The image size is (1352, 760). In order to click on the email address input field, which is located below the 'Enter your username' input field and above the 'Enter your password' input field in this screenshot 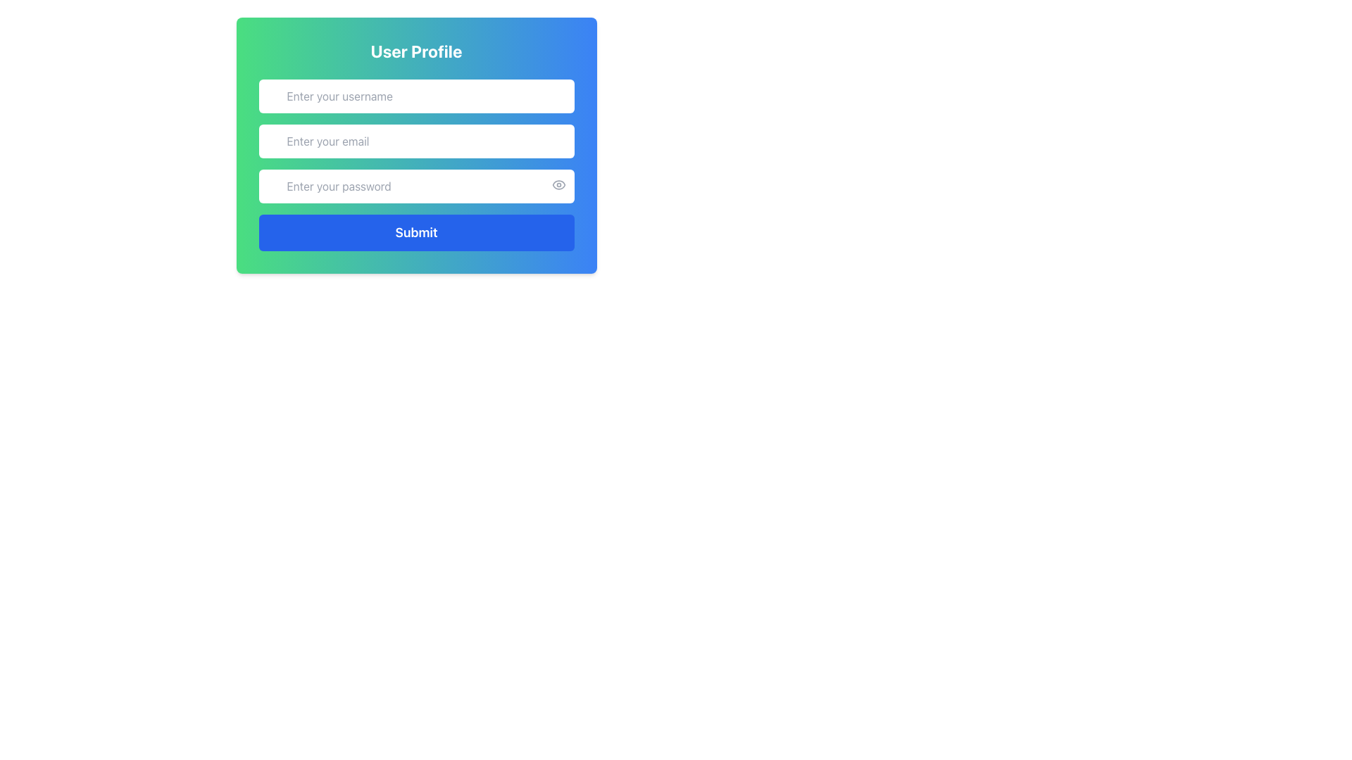, I will do `click(415, 141)`.